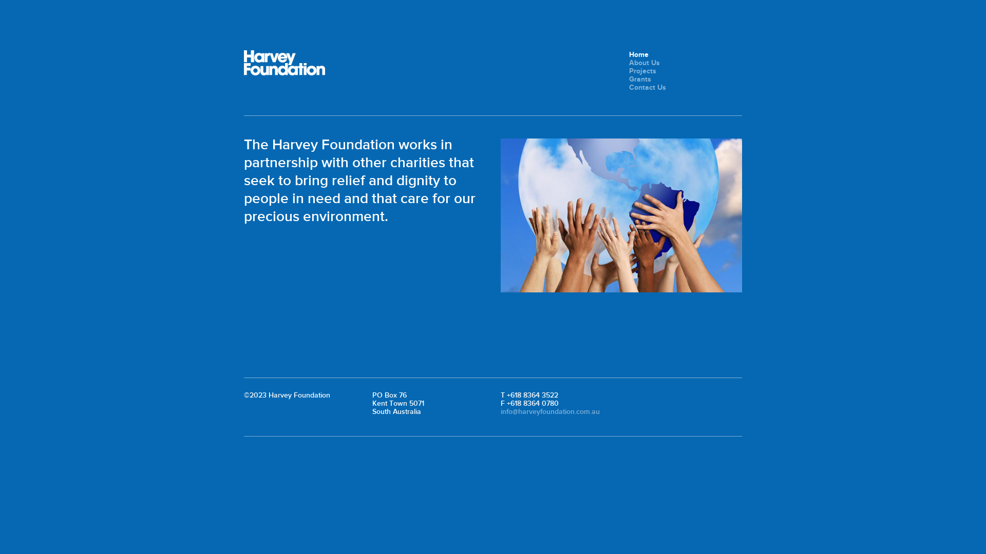 Image resolution: width=986 pixels, height=554 pixels. I want to click on 'Contact Us', so click(647, 86).